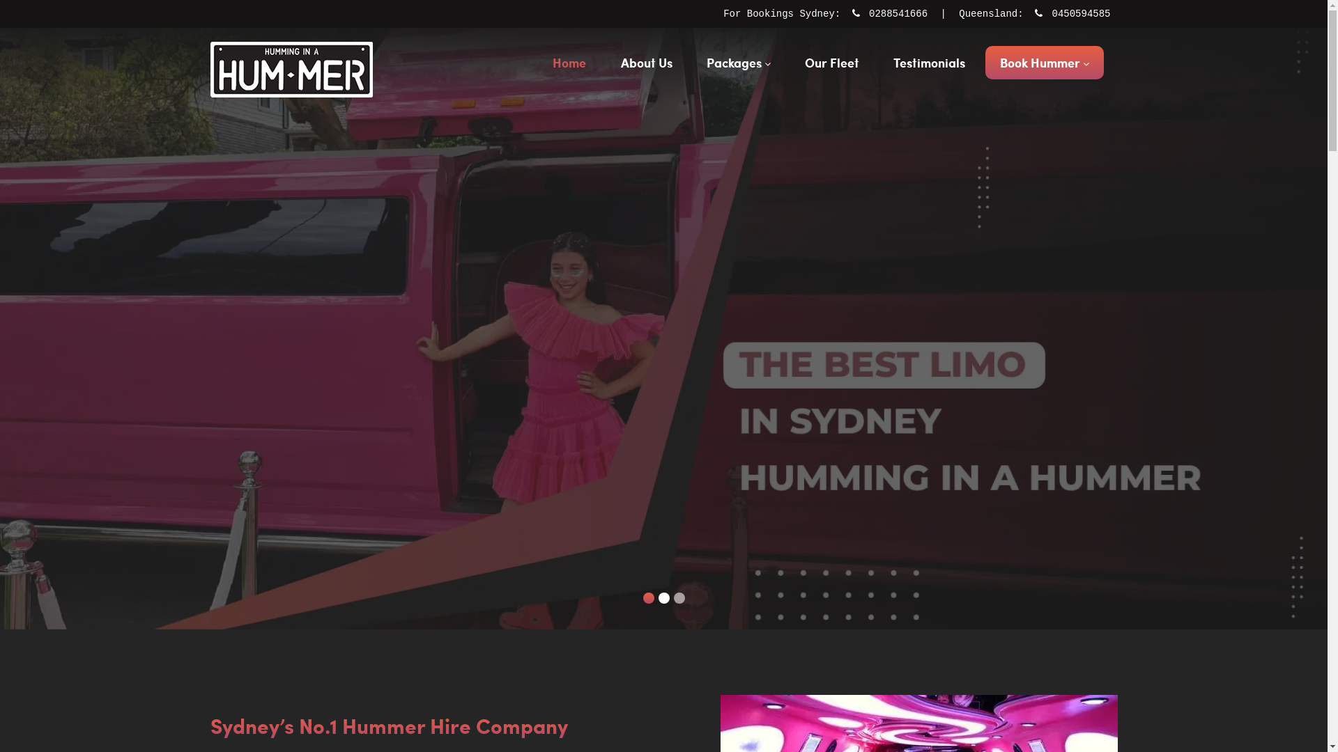 The height and width of the screenshot is (752, 1338). Describe the element at coordinates (569, 61) in the screenshot. I see `'Home'` at that location.